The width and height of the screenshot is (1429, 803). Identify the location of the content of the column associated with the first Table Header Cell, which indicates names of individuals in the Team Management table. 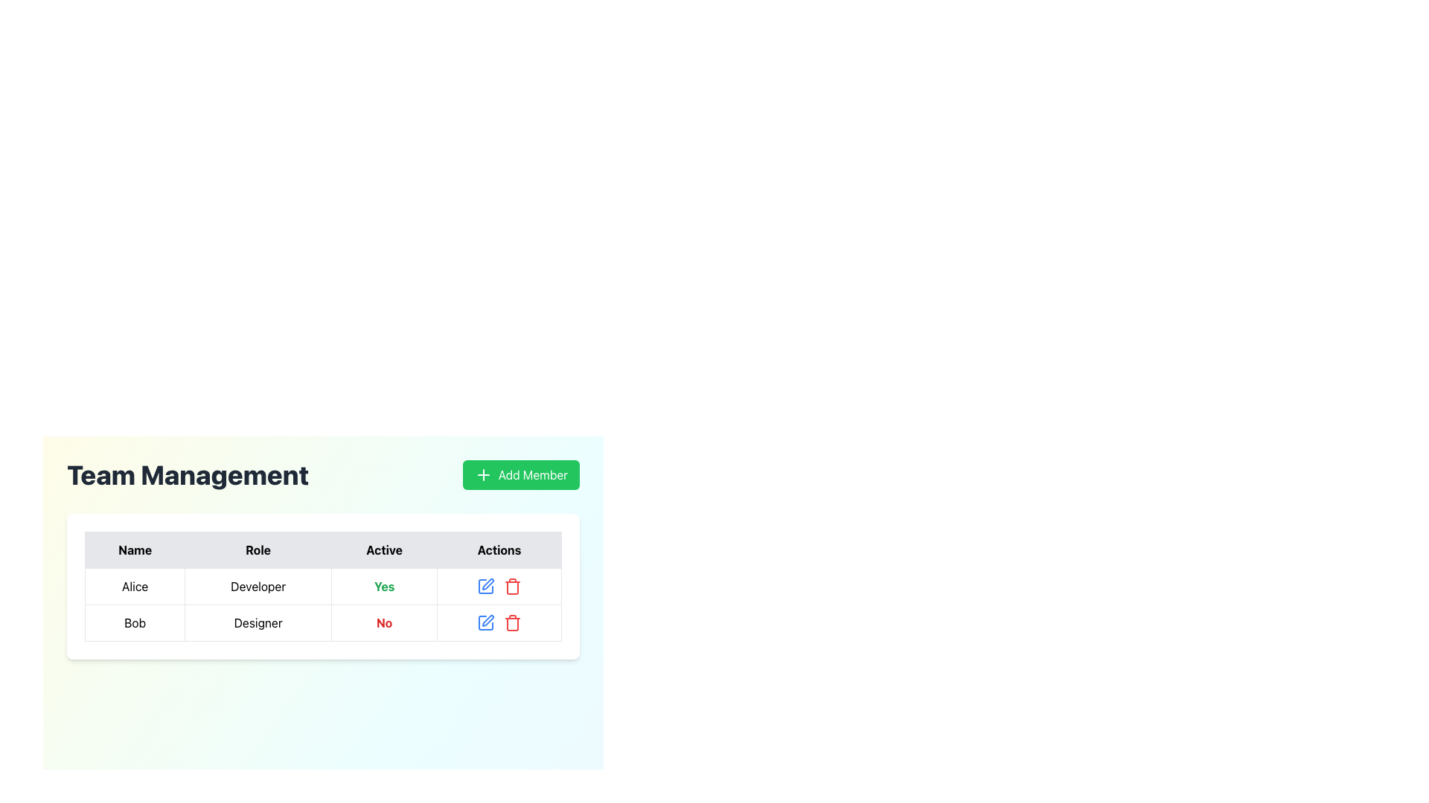
(135, 550).